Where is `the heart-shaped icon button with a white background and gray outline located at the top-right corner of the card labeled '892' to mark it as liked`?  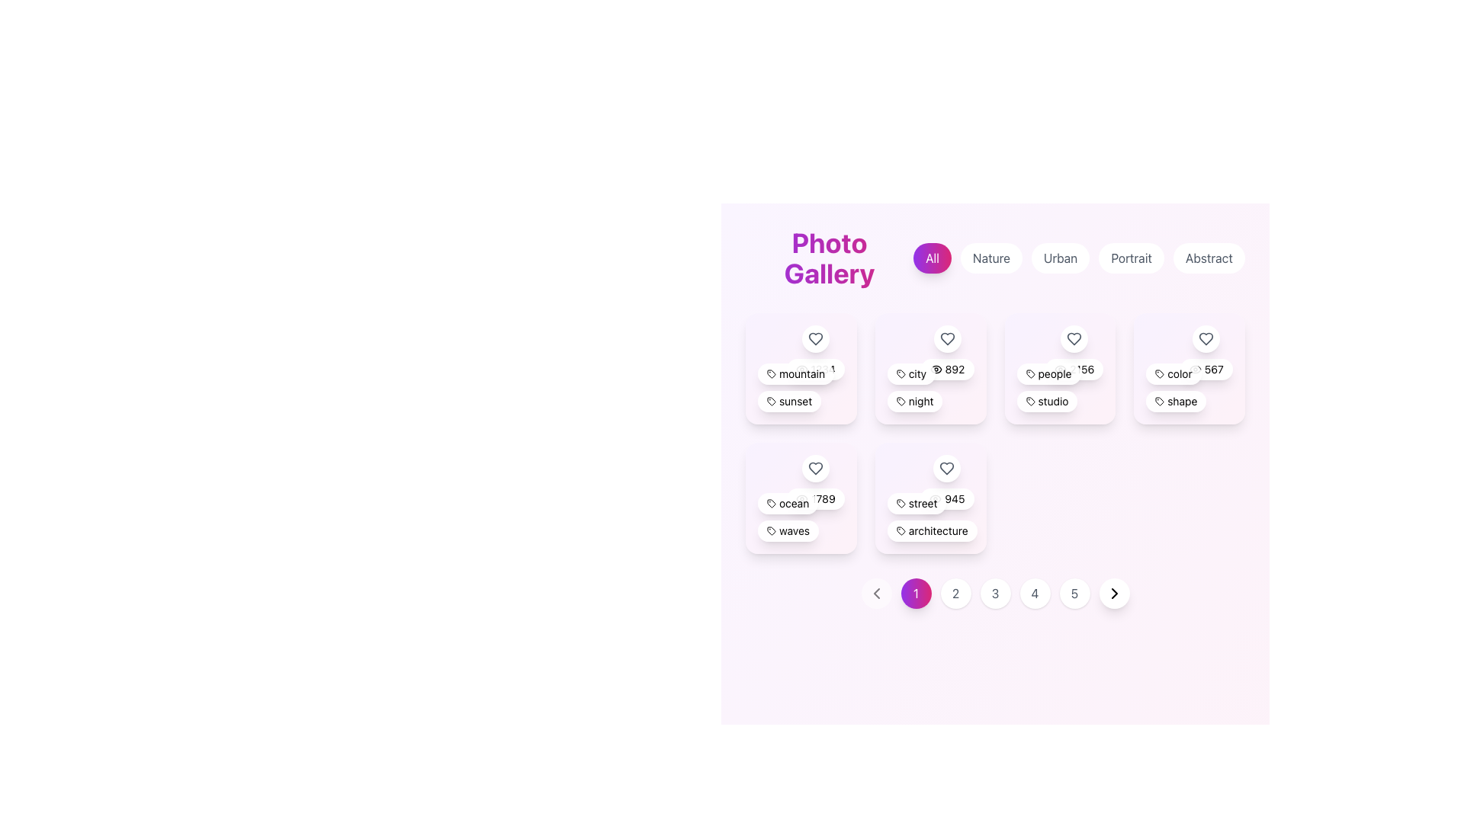 the heart-shaped icon button with a white background and gray outline located at the top-right corner of the card labeled '892' to mark it as liked is located at coordinates (946, 352).